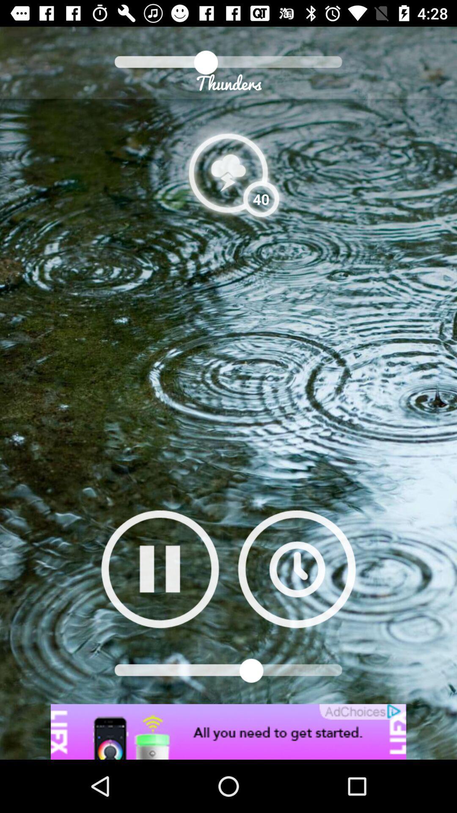  I want to click on external advertisement, so click(228, 731).